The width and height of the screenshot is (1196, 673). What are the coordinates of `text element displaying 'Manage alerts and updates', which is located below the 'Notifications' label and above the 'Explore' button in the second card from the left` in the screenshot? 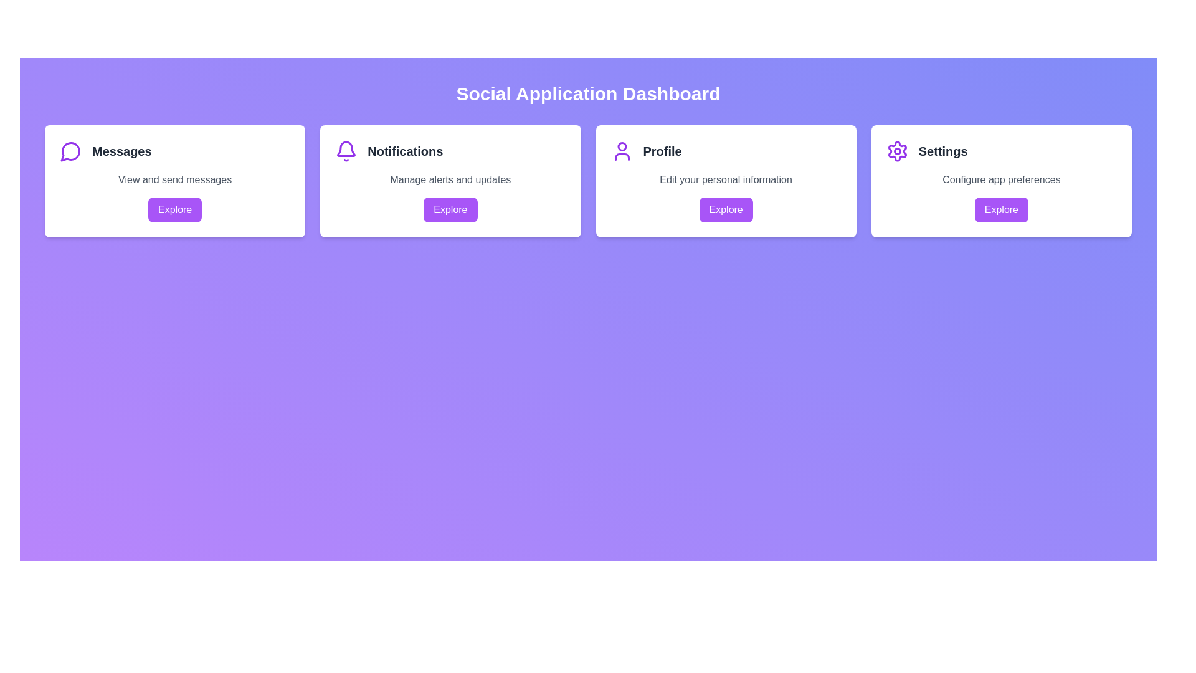 It's located at (450, 180).